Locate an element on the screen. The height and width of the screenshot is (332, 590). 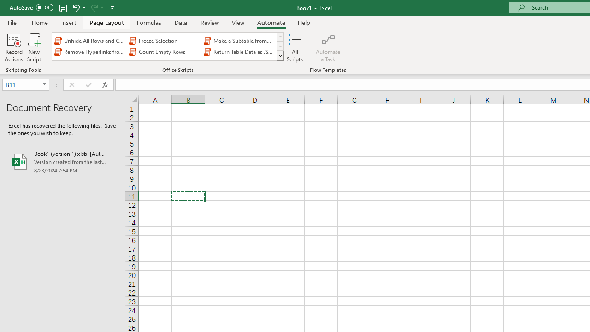
'Freeze Selection' is located at coordinates (165, 40).